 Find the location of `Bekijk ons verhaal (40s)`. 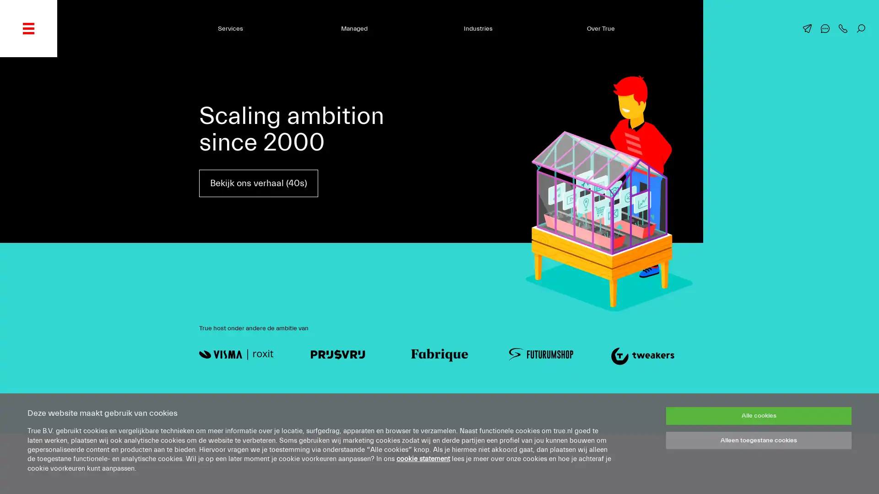

Bekijk ons verhaal (40s) is located at coordinates (258, 183).